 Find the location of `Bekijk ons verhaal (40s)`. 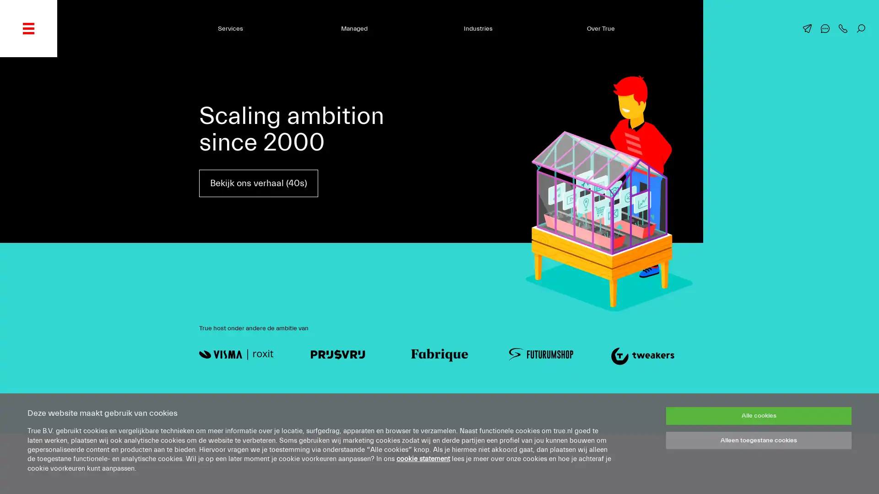

Bekijk ons verhaal (40s) is located at coordinates (258, 183).